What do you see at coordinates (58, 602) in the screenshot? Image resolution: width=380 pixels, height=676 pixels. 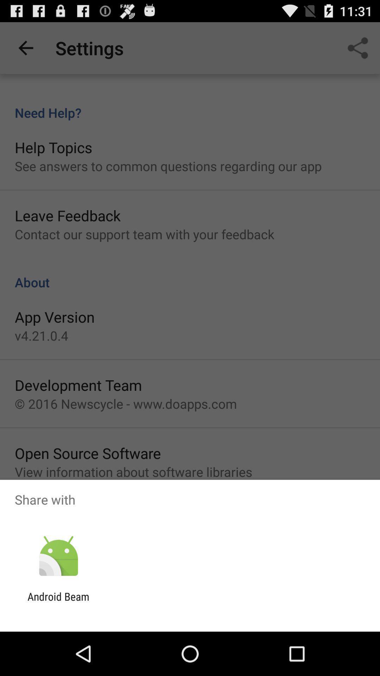 I see `the android beam item` at bounding box center [58, 602].